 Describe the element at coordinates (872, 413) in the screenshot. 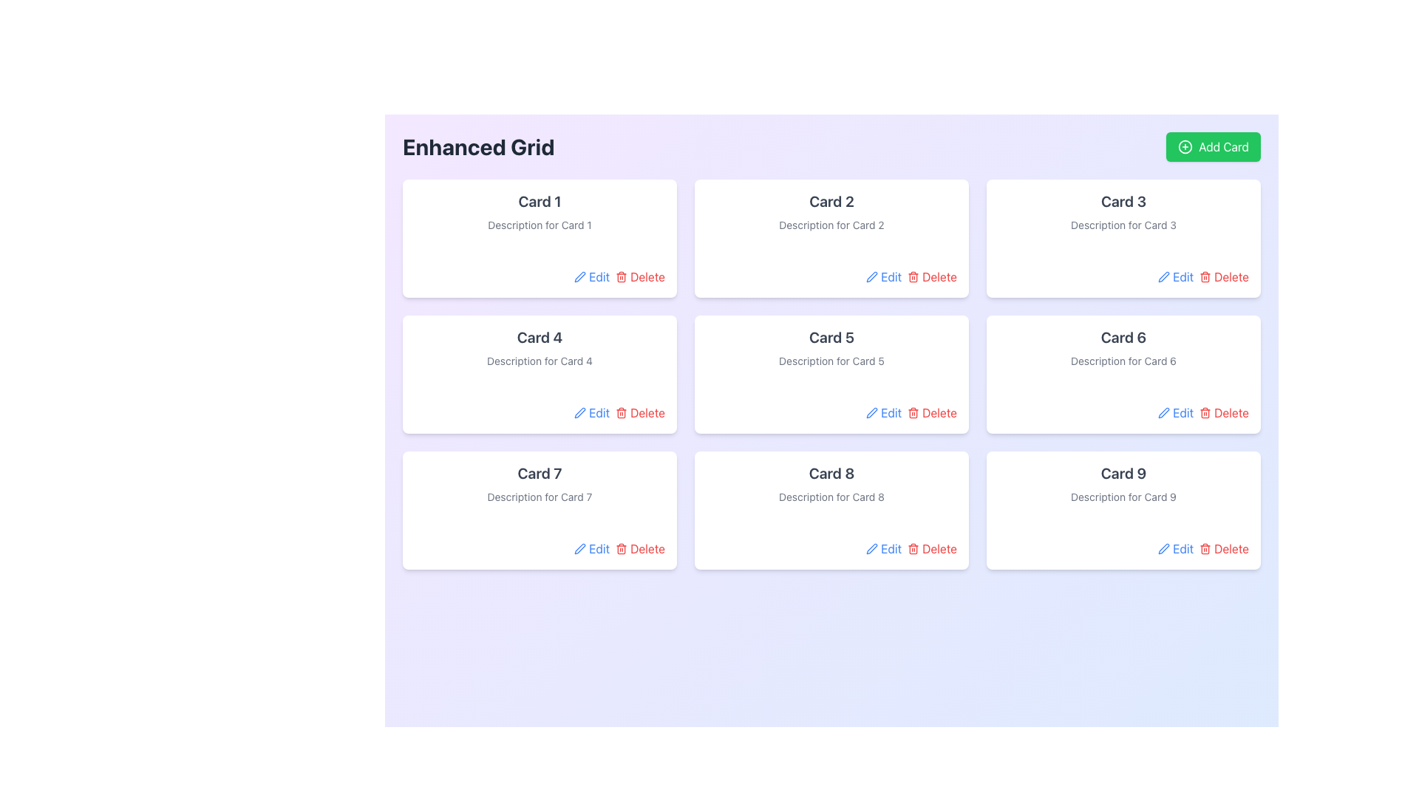

I see `the edit action icon located to the left of the 'Edit' label in the action bar at the bottom of Card 5` at that location.